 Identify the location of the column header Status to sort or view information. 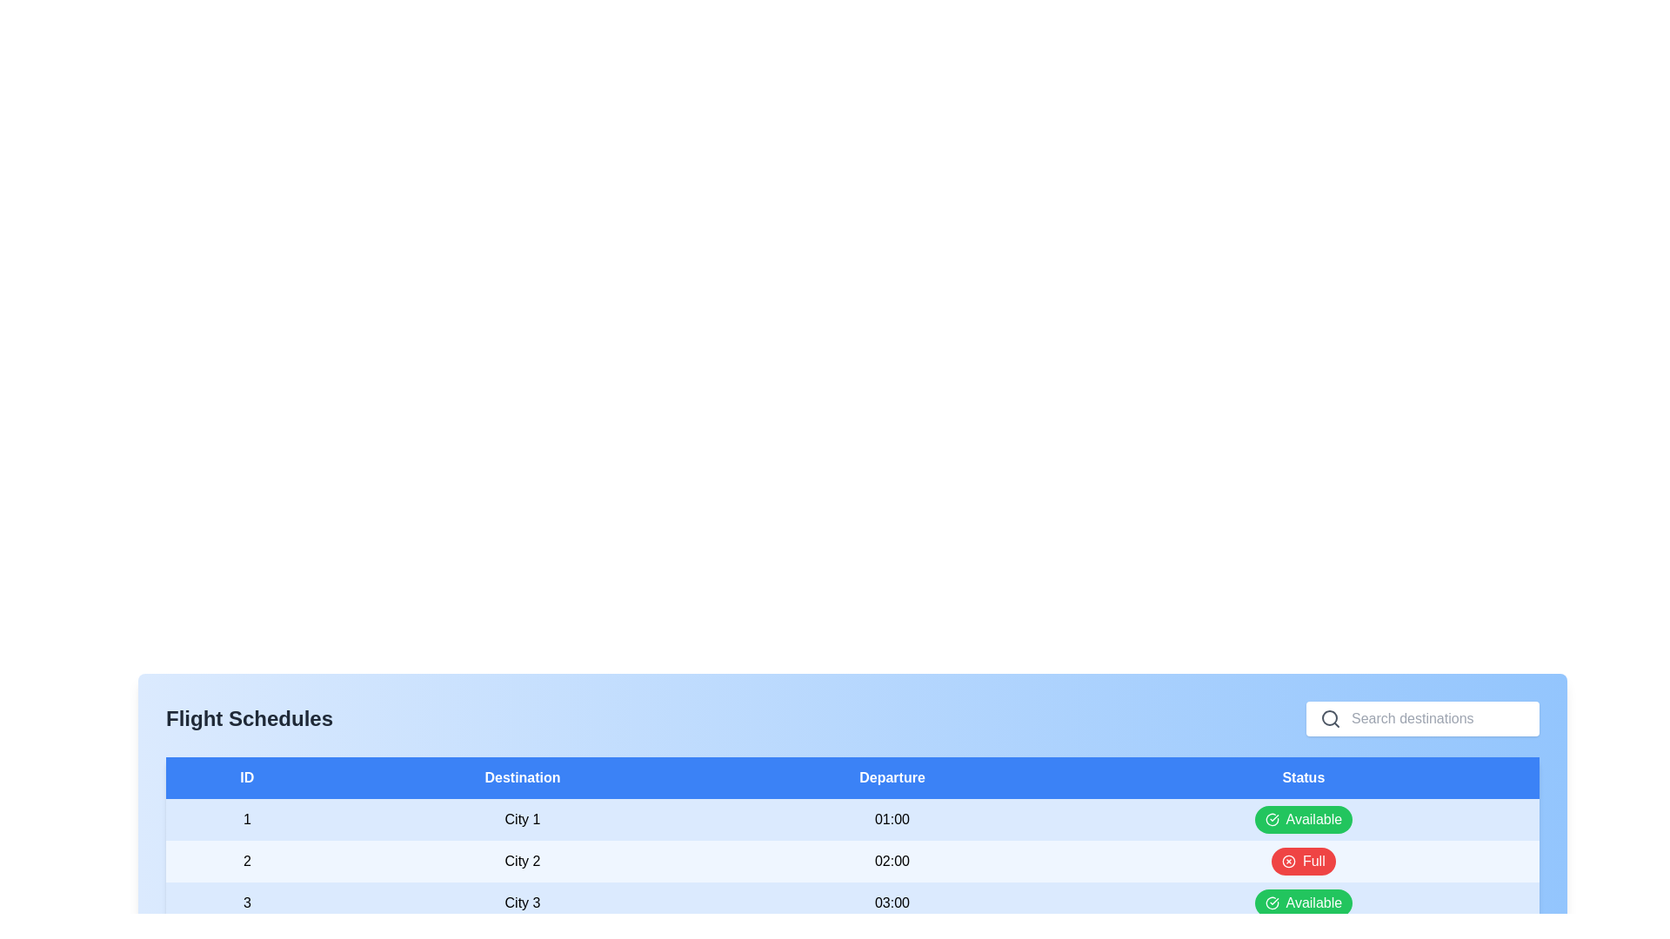
(1303, 776).